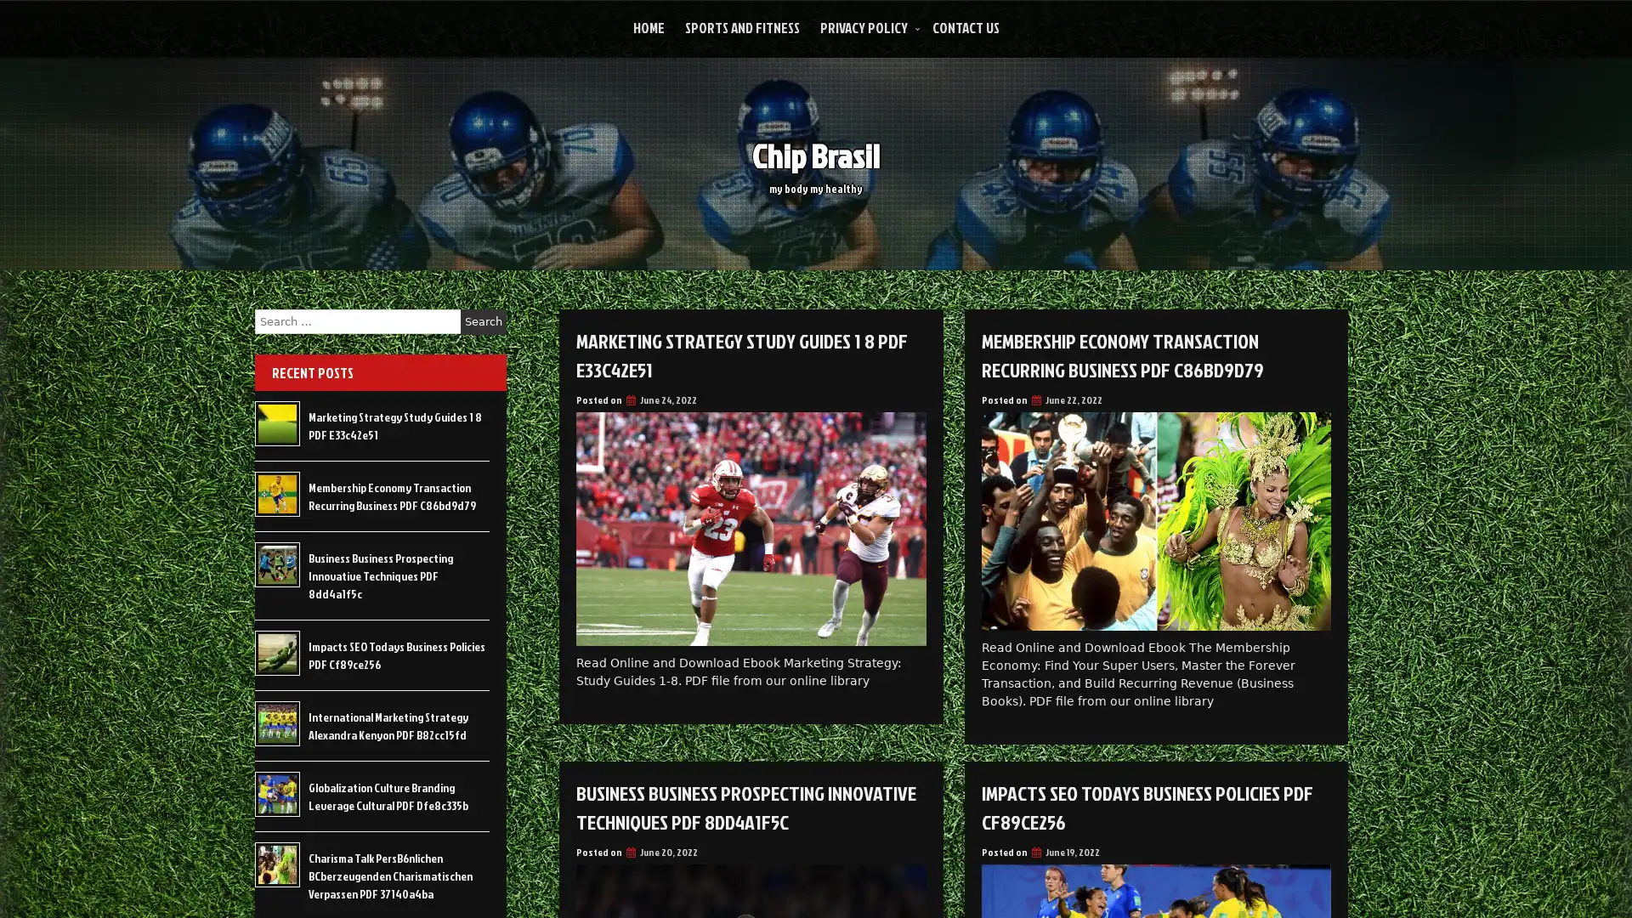 This screenshot has height=918, width=1632. What do you see at coordinates (483, 321) in the screenshot?
I see `Search` at bounding box center [483, 321].